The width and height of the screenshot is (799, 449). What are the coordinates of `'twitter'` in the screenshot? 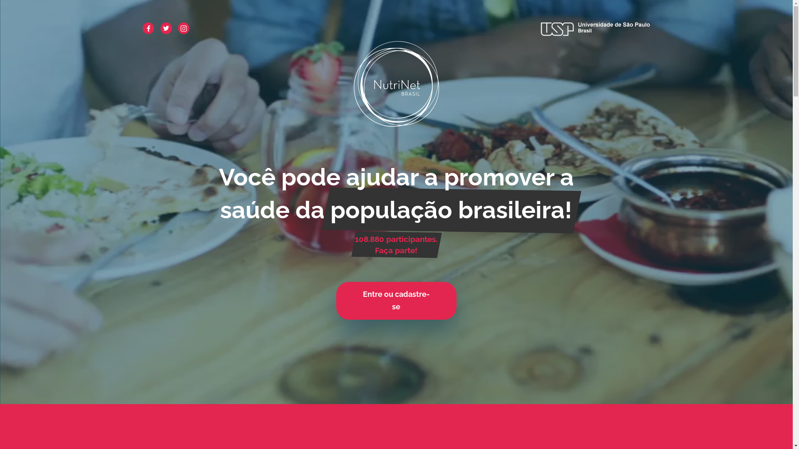 It's located at (166, 27).